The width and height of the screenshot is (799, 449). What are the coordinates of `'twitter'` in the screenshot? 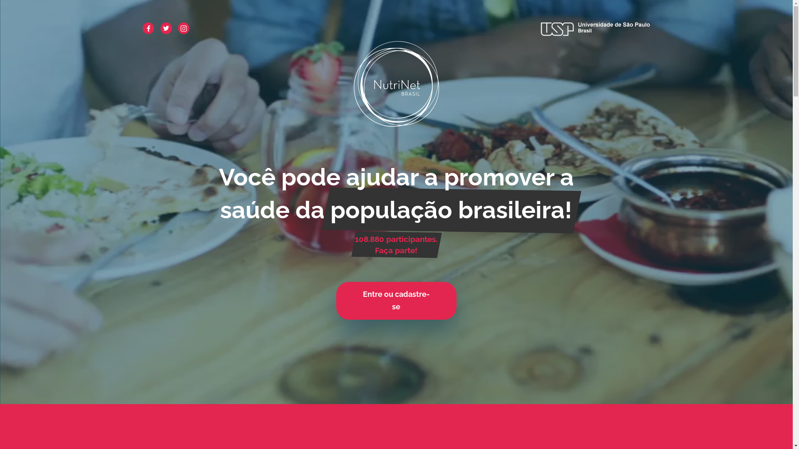 It's located at (166, 27).